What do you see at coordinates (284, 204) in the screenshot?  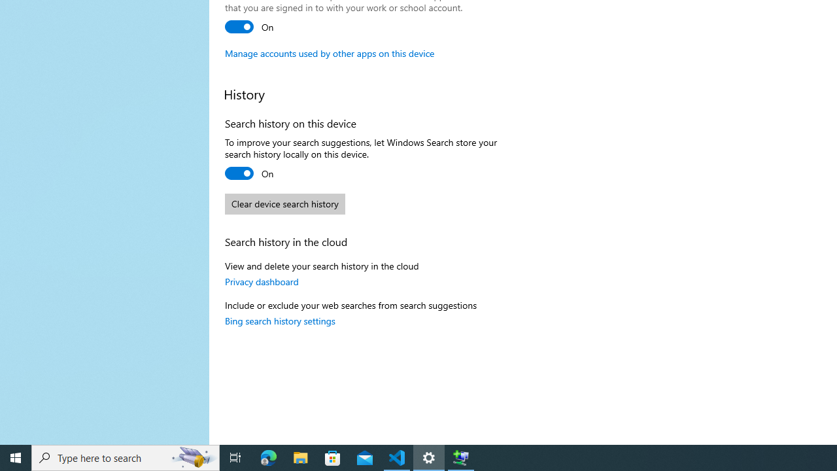 I see `'Clear device search history'` at bounding box center [284, 204].